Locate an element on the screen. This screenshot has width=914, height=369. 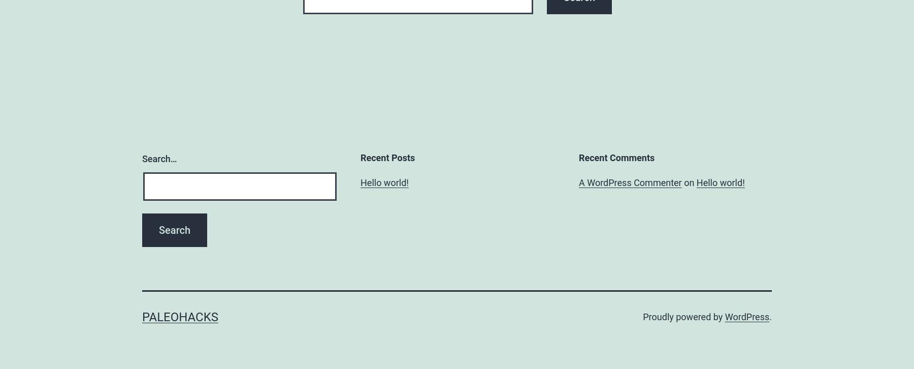
'Recent Posts' is located at coordinates (387, 157).